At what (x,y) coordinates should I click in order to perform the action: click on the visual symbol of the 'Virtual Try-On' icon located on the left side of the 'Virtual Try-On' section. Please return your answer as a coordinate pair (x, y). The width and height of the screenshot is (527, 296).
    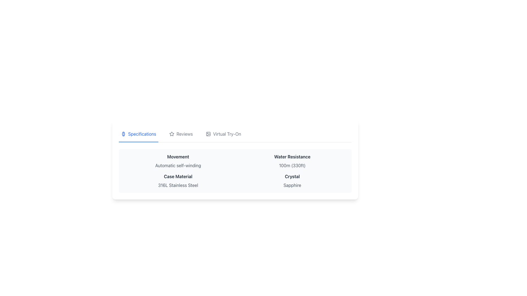
    Looking at the image, I should click on (208, 134).